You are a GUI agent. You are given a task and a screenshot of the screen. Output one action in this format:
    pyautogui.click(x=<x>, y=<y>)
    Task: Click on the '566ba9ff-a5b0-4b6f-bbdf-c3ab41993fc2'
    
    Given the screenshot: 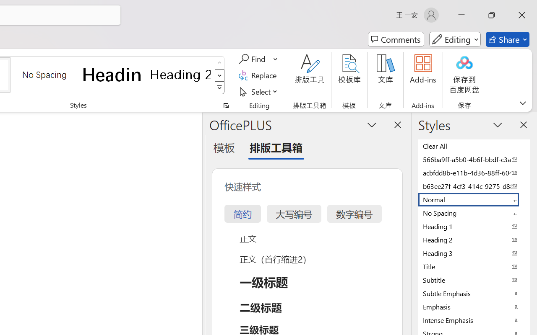 What is the action you would take?
    pyautogui.click(x=474, y=159)
    